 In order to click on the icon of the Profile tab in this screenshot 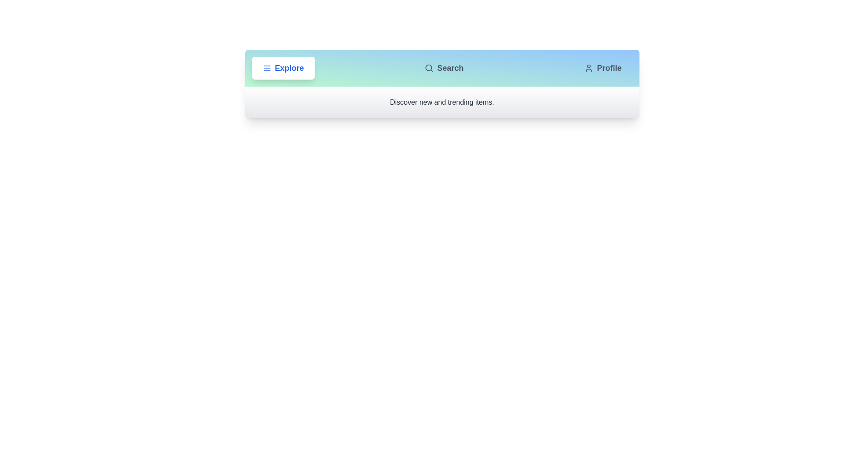, I will do `click(589, 67)`.